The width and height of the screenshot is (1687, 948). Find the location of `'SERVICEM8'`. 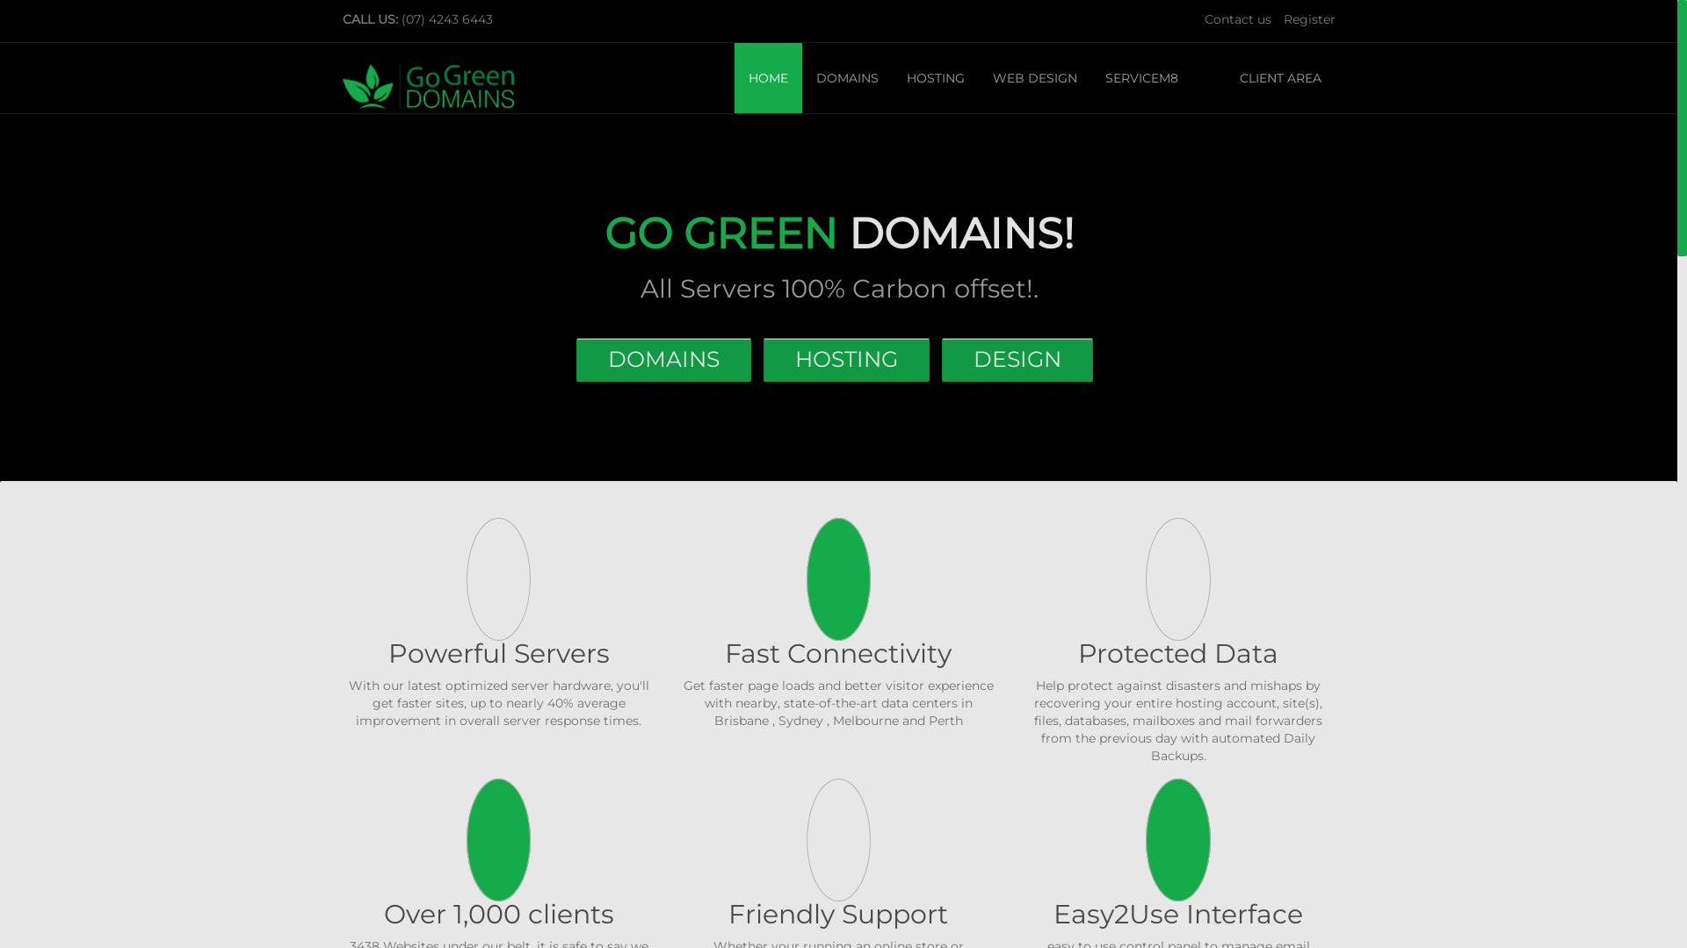

'SERVICEM8' is located at coordinates (1090, 76).